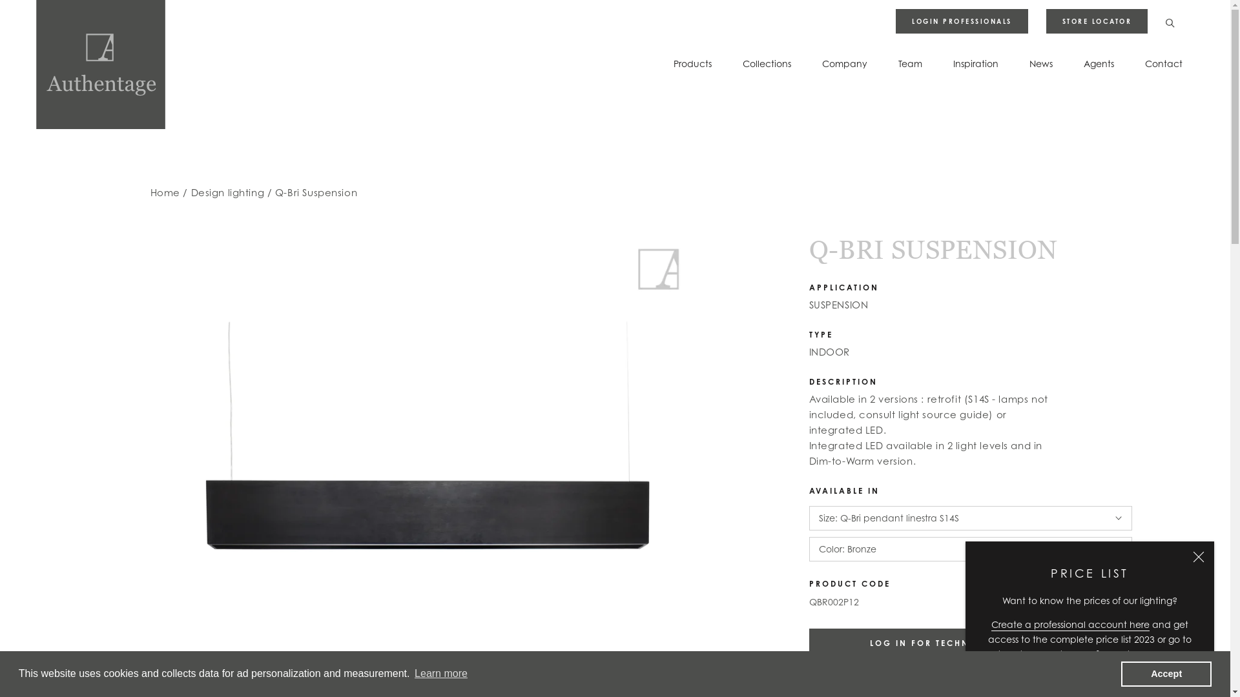  Describe the element at coordinates (411, 673) in the screenshot. I see `'Learn more'` at that location.